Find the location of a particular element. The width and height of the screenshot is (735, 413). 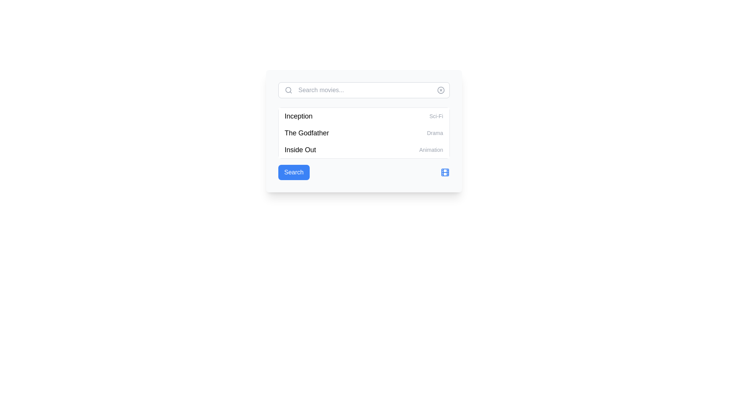

the text 'Inside Out' which is presented in a bold typeface is located at coordinates (300, 150).